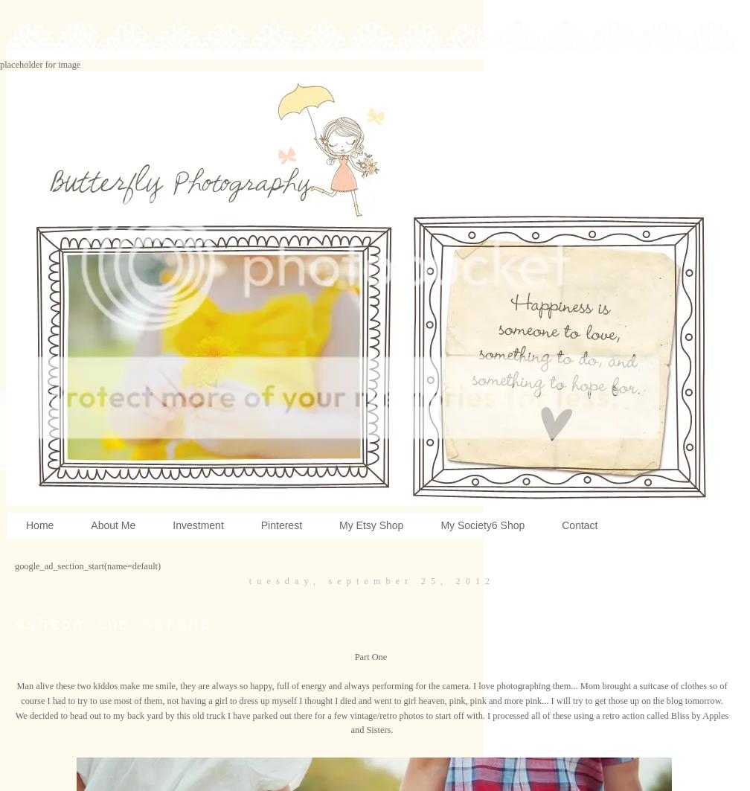 This screenshot has width=750, height=791. Describe the element at coordinates (113, 525) in the screenshot. I see `'About Me'` at that location.